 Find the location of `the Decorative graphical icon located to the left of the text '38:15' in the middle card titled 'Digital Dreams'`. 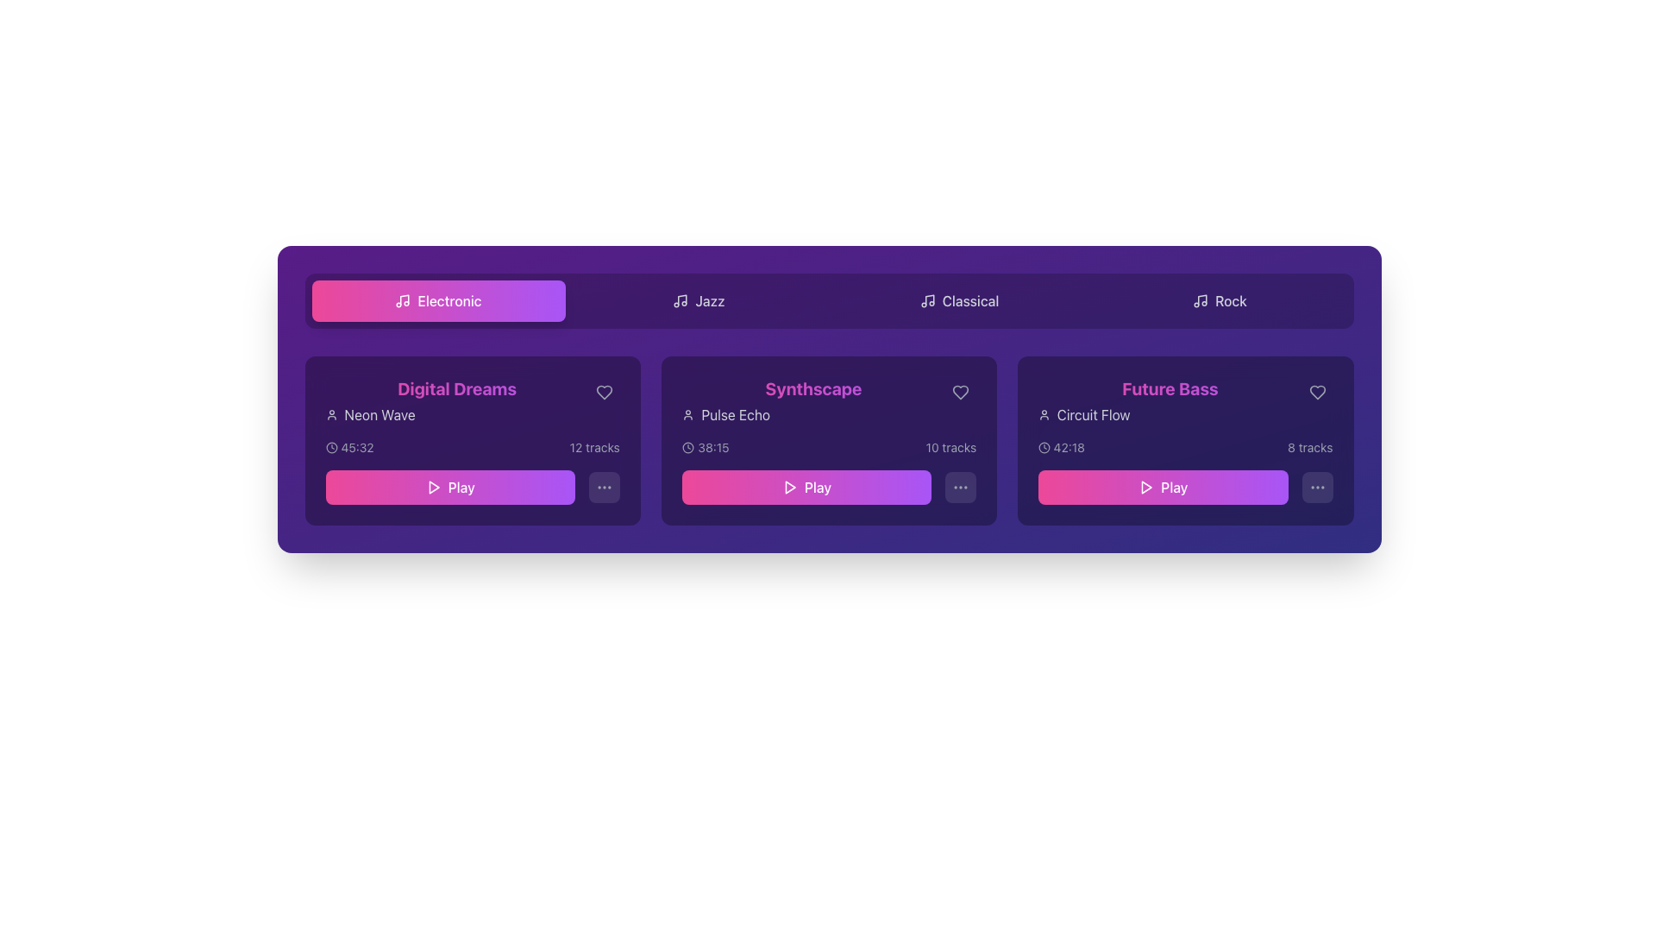

the Decorative graphical icon located to the left of the text '38:15' in the middle card titled 'Digital Dreams' is located at coordinates (687, 447).